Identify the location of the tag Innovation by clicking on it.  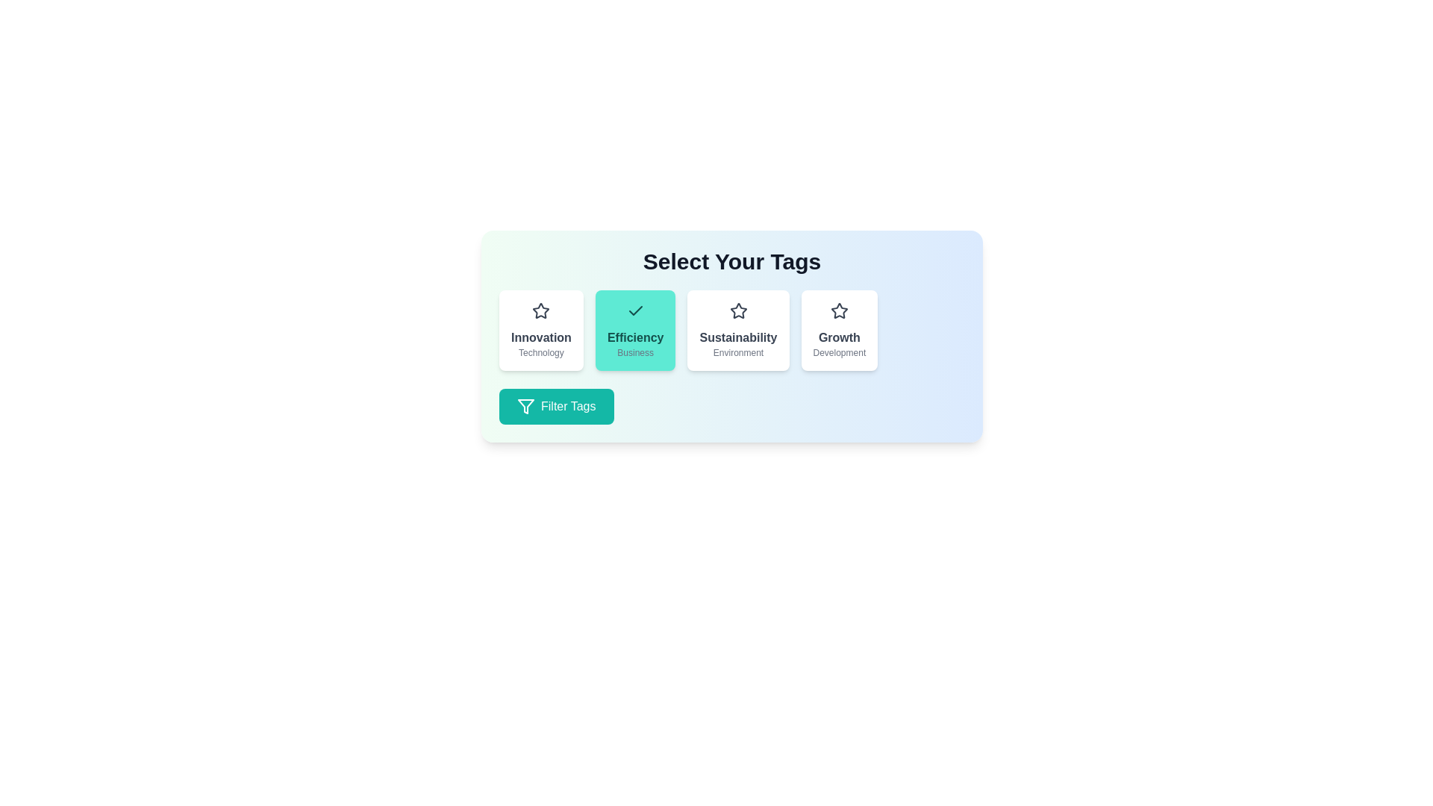
(540, 330).